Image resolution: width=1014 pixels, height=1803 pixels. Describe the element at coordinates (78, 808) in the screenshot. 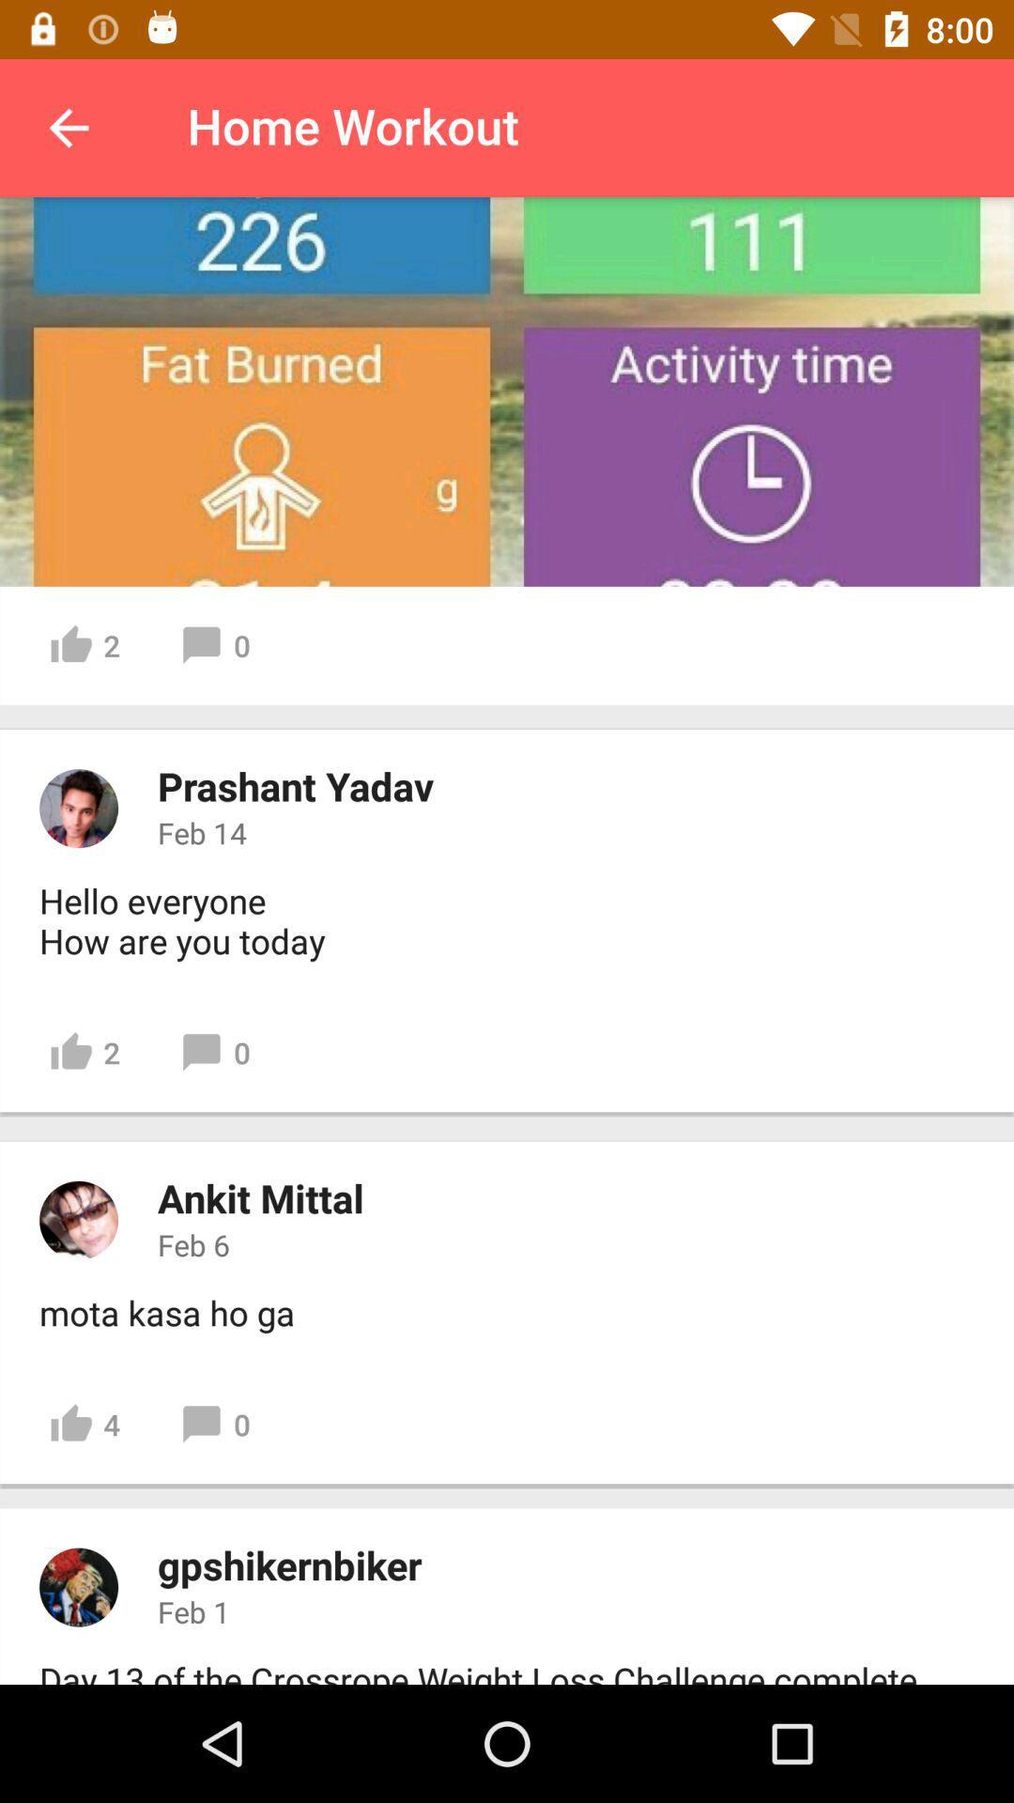

I see `photo of commentor` at that location.